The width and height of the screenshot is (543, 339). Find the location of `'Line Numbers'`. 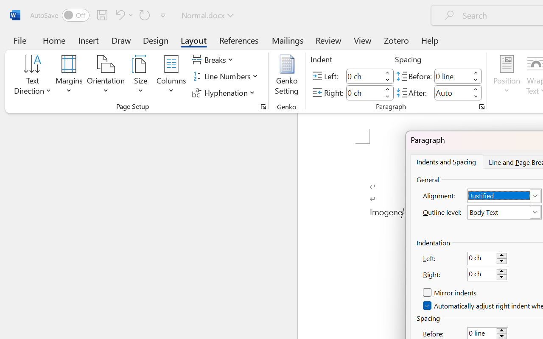

'Line Numbers' is located at coordinates (226, 76).